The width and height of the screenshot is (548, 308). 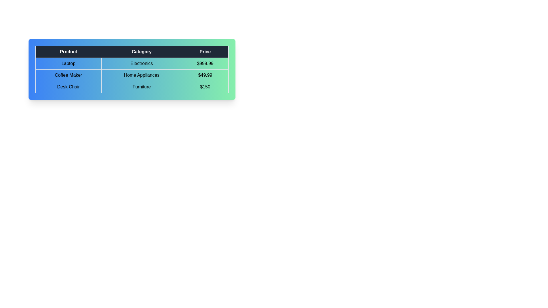 What do you see at coordinates (68, 87) in the screenshot?
I see `the static text label displaying the product's name 'Desk Chair', which is the first column entry in the table row` at bounding box center [68, 87].